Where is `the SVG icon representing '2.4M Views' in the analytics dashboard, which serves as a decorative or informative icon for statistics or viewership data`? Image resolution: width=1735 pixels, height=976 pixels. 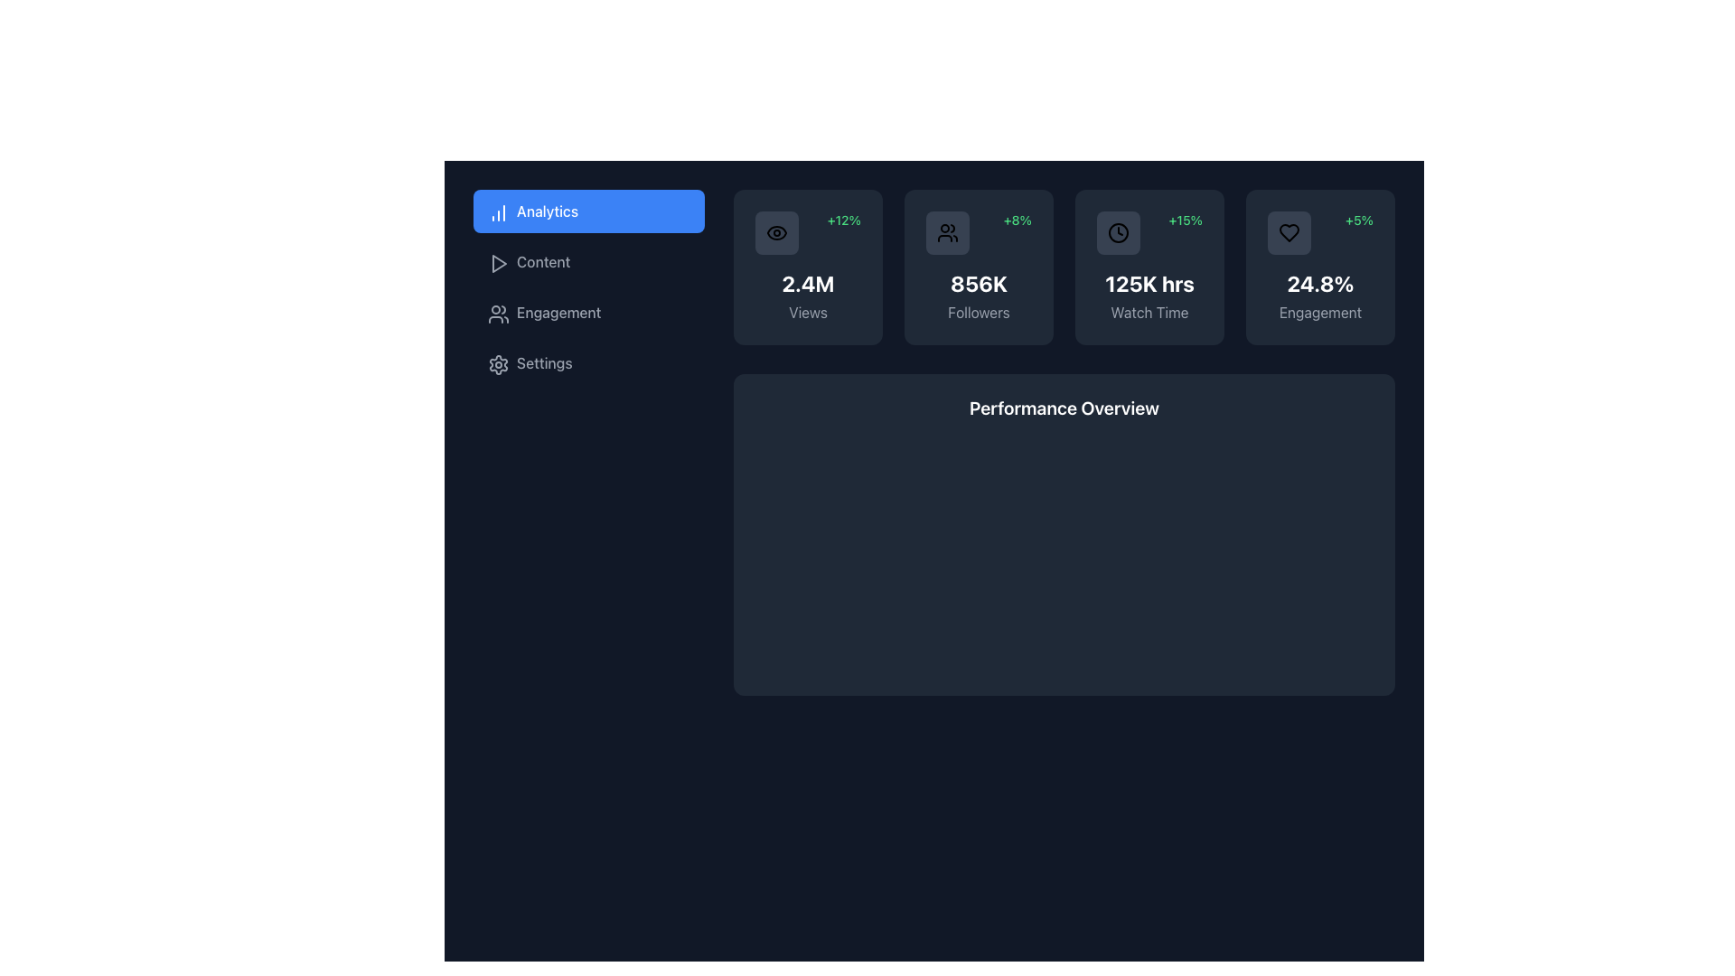 the SVG icon representing '2.4M Views' in the analytics dashboard, which serves as a decorative or informative icon for statistics or viewership data is located at coordinates (776, 232).